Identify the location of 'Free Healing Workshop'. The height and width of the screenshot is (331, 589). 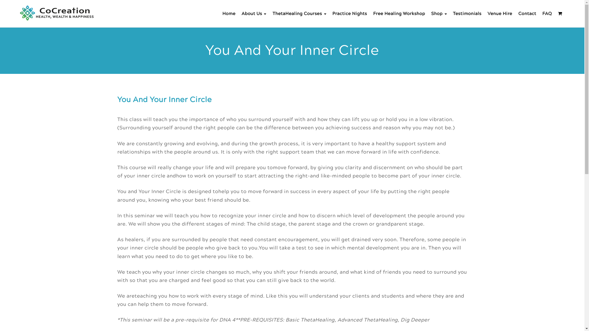
(399, 13).